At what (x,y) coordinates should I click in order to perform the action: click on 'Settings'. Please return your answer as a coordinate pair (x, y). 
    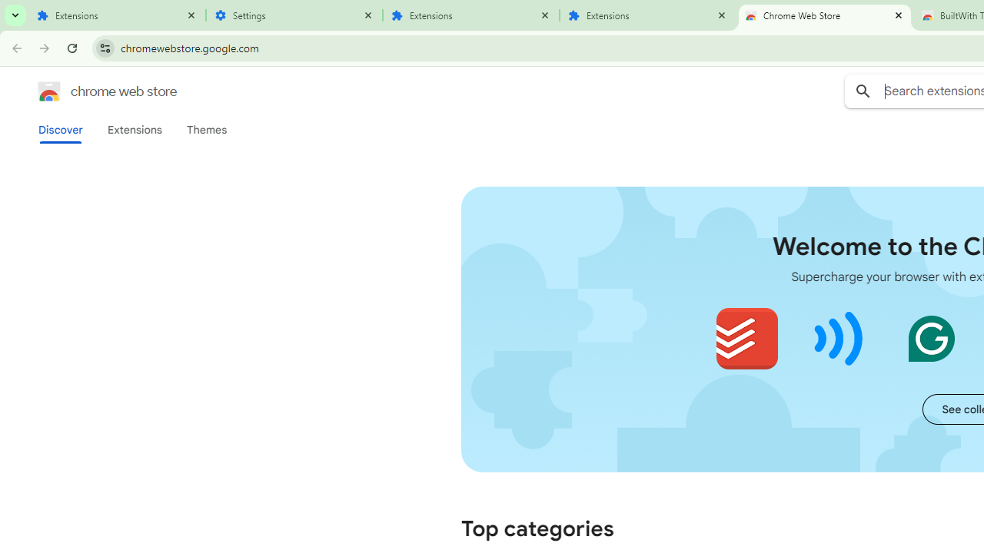
    Looking at the image, I should click on (294, 15).